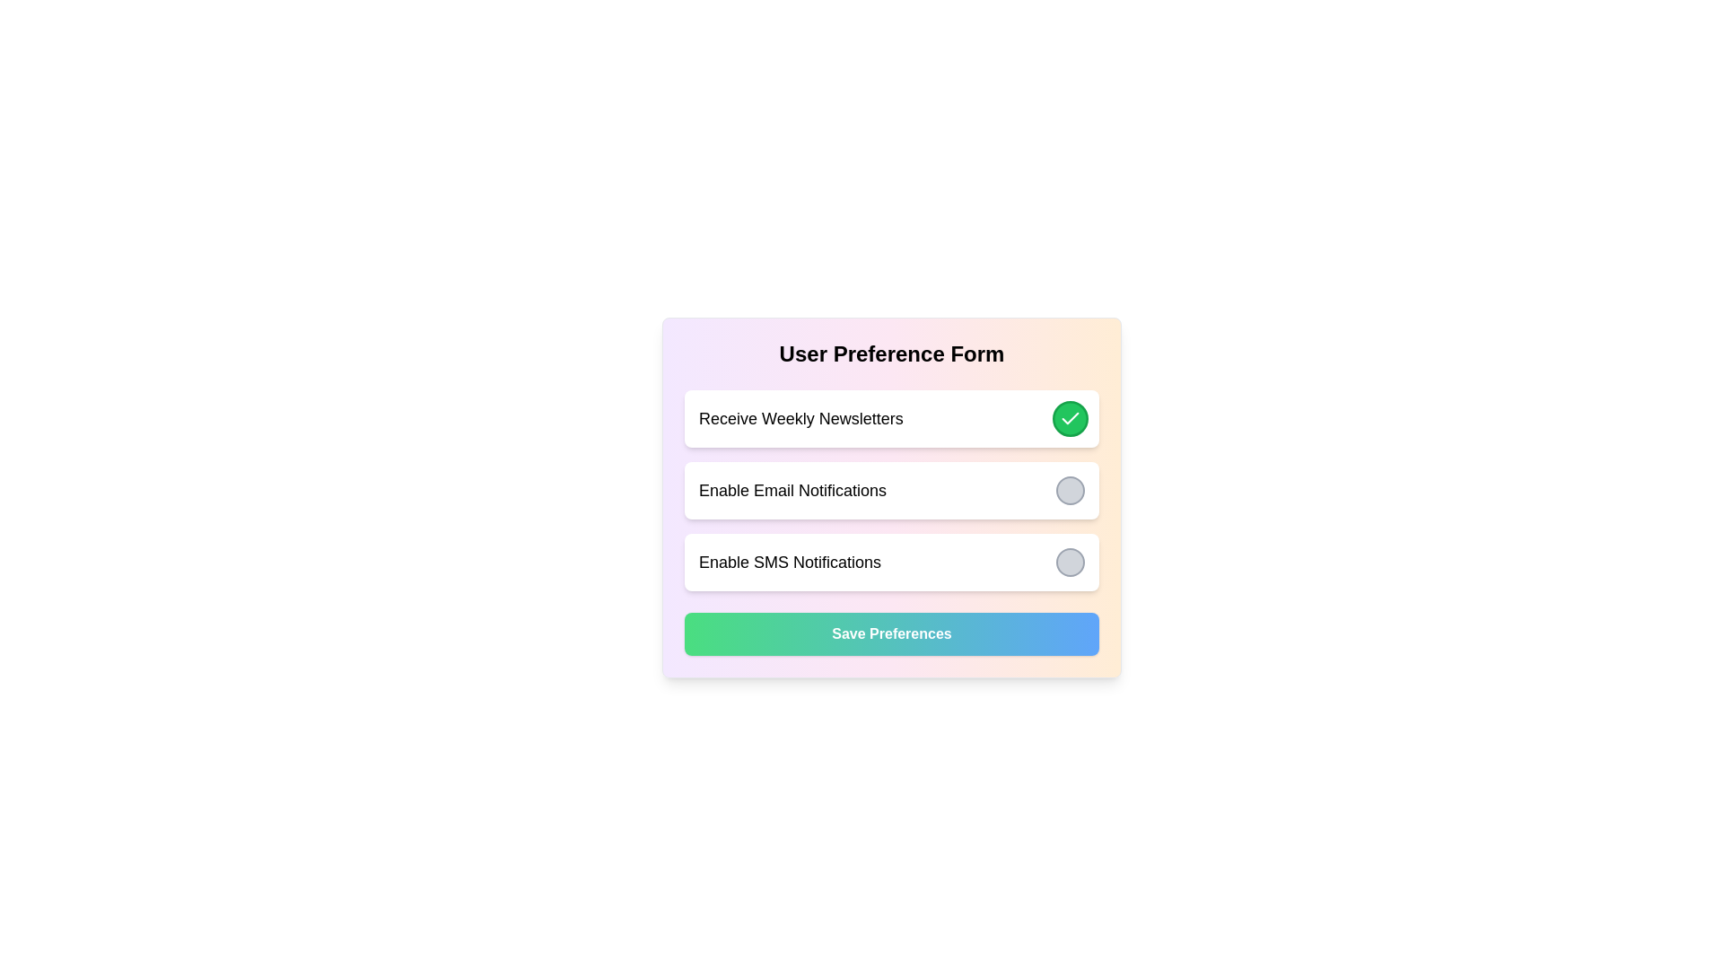  I want to click on the button that saves user preferences, located below the toggle options for newsletters, email notifications, and SMS notifications, to observe its hover effects, so click(891, 633).